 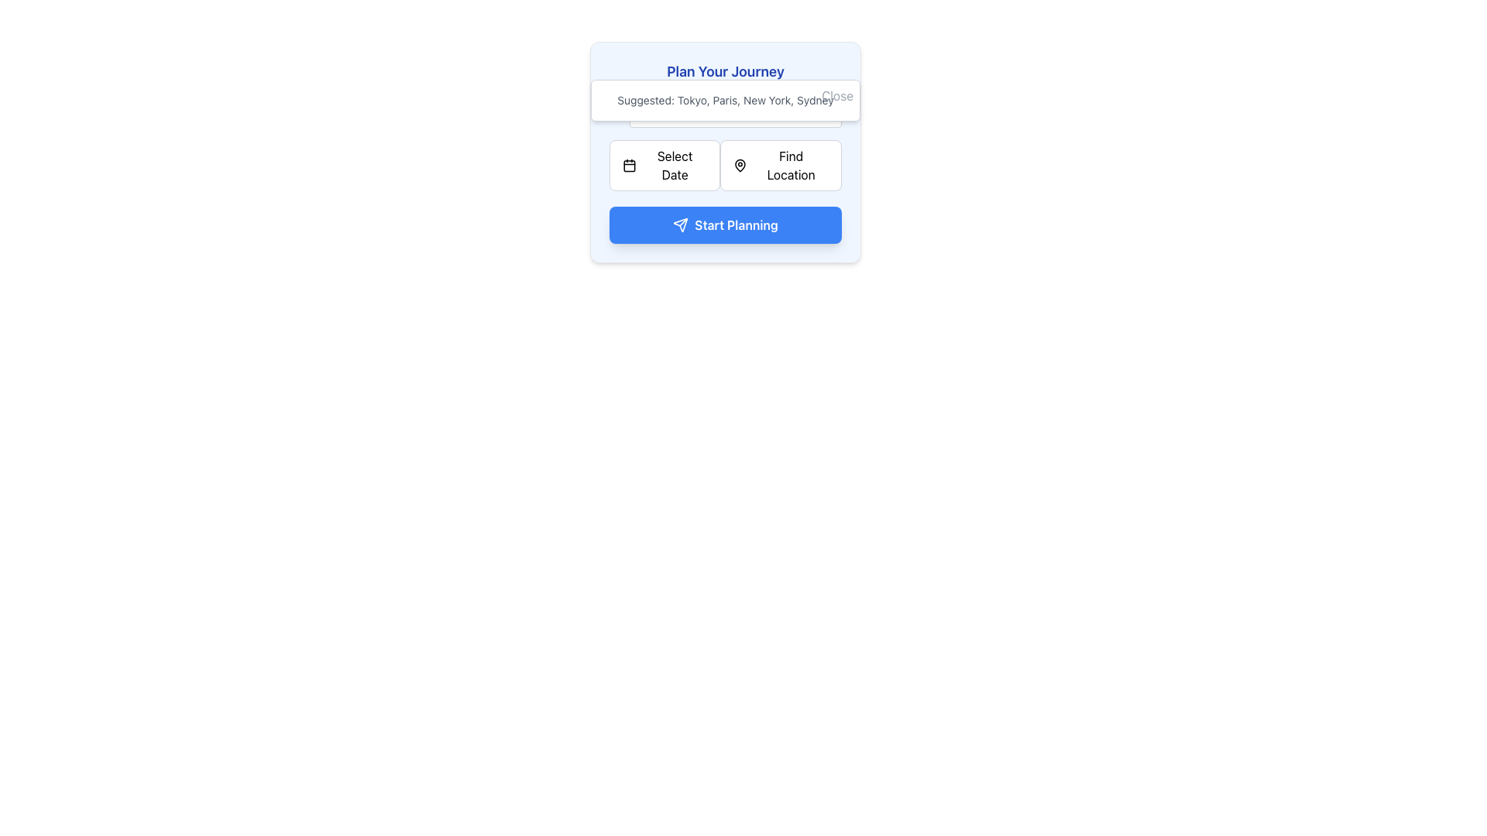 What do you see at coordinates (681, 224) in the screenshot?
I see `the icon located to the left of the 'Start Planning' text within the button component at the bottom of the card interface` at bounding box center [681, 224].